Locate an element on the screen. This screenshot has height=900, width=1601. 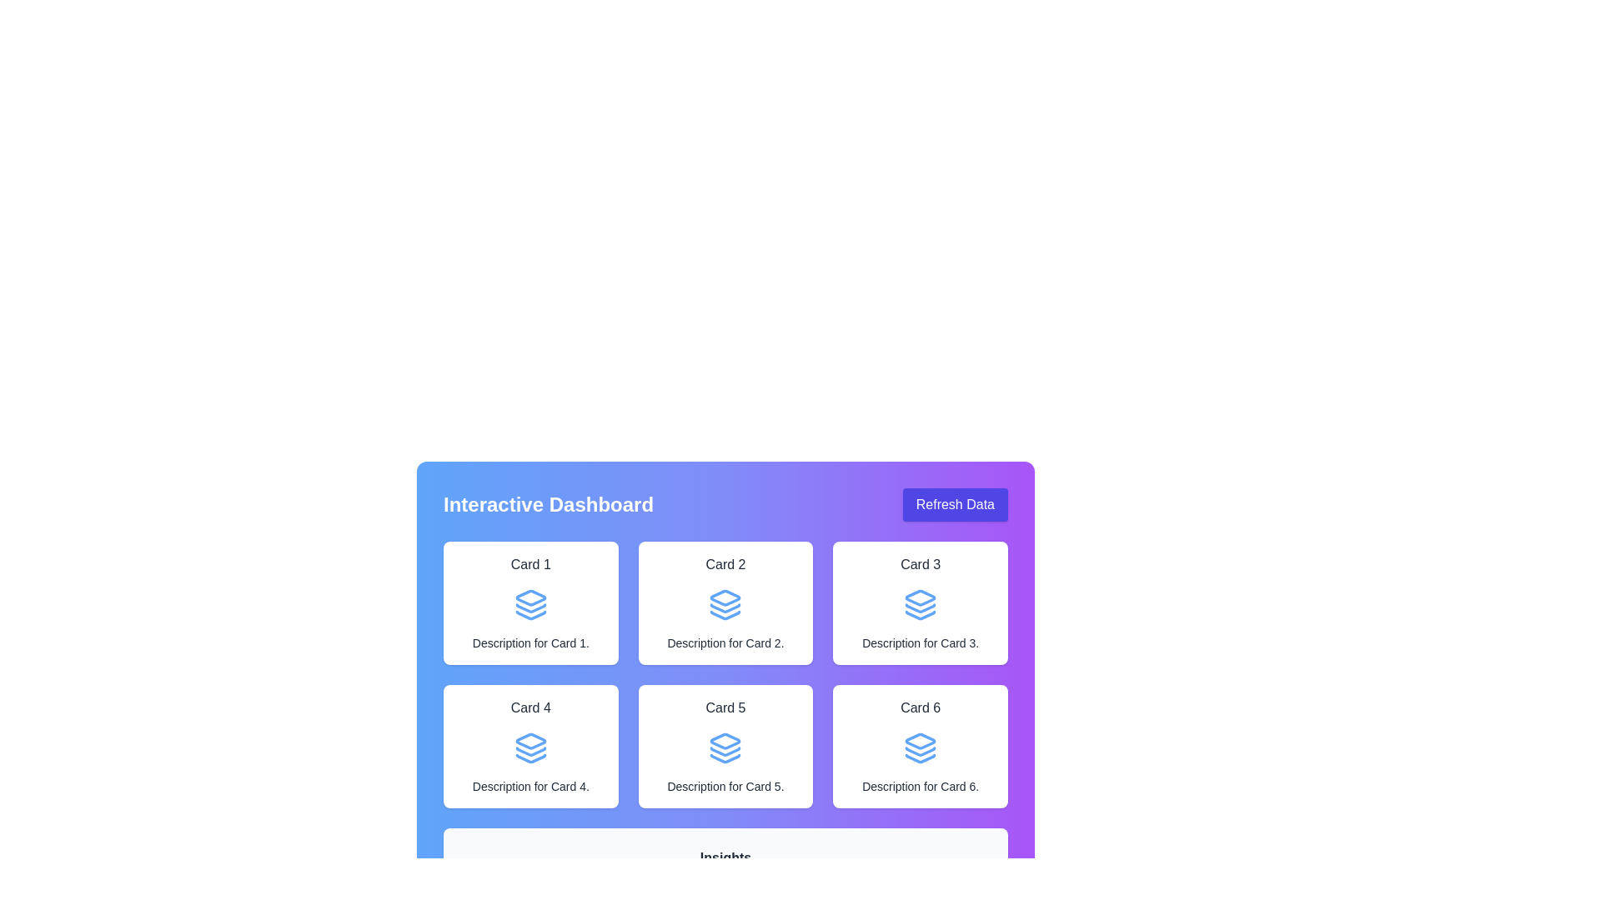
the static text label that serves as the title for 'Card 1', which is located at the top of the first card in the grid layout on the dashboard is located at coordinates (529, 564).